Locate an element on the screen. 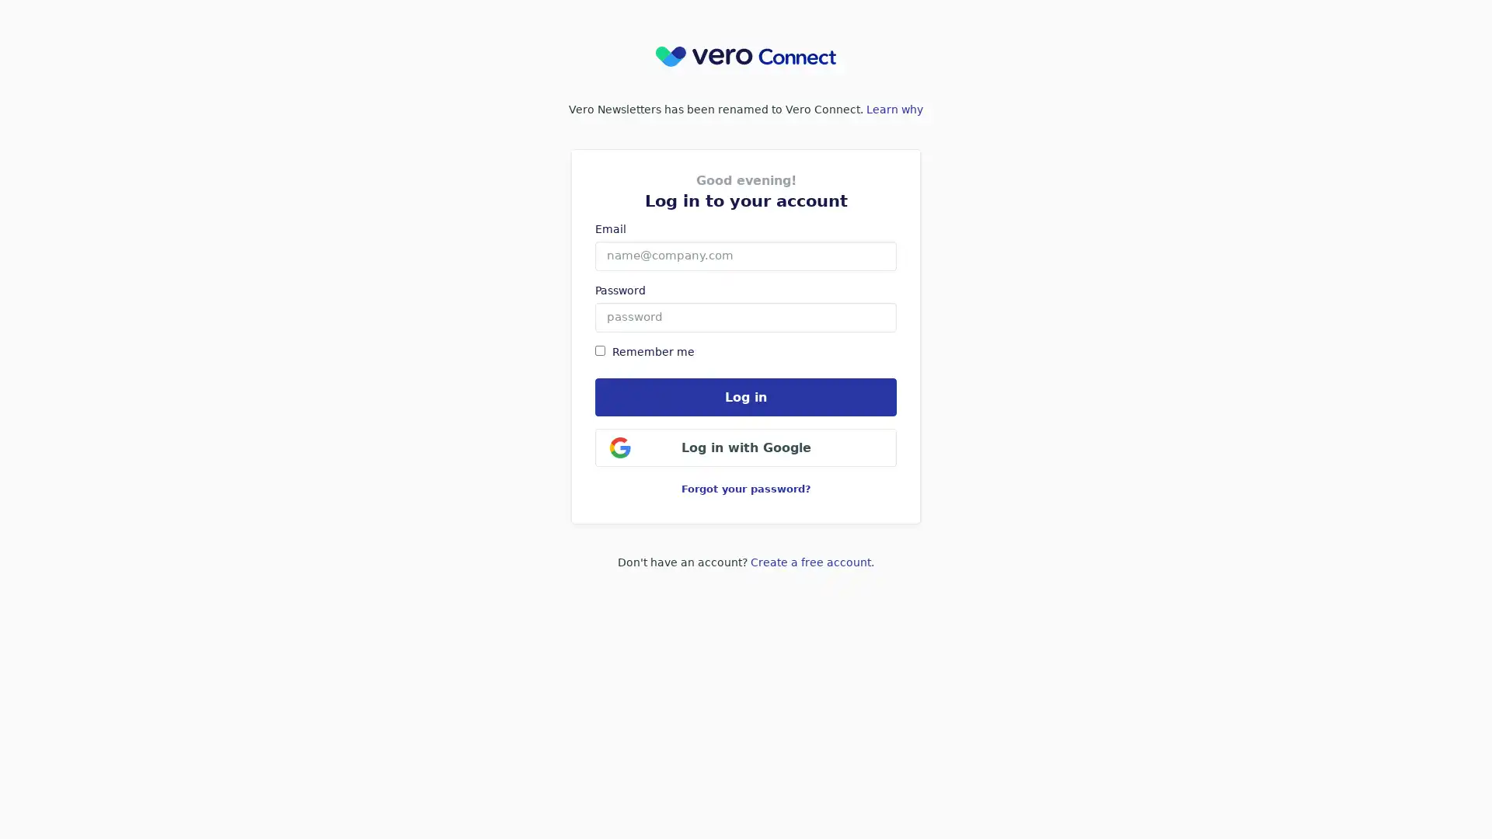 This screenshot has height=839, width=1492. Log in is located at coordinates (746, 395).